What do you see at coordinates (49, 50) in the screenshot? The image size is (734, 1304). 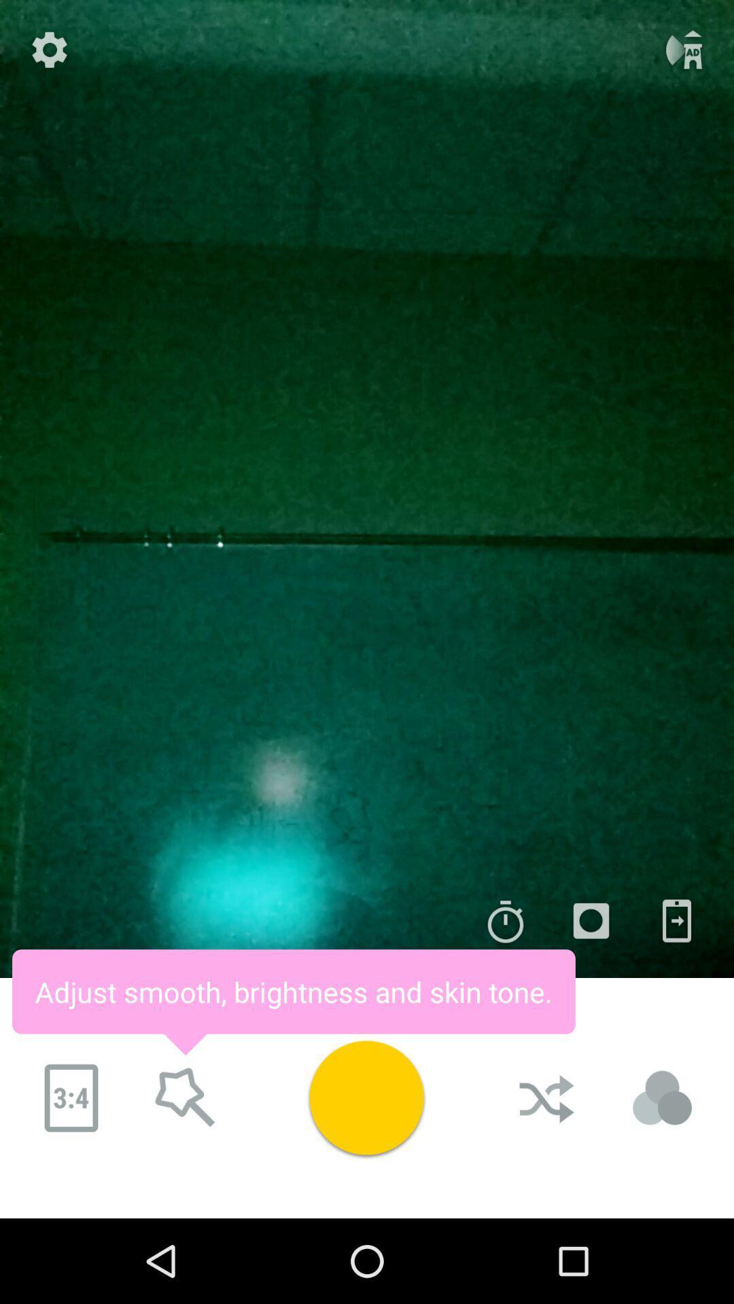 I see `the settings icon` at bounding box center [49, 50].